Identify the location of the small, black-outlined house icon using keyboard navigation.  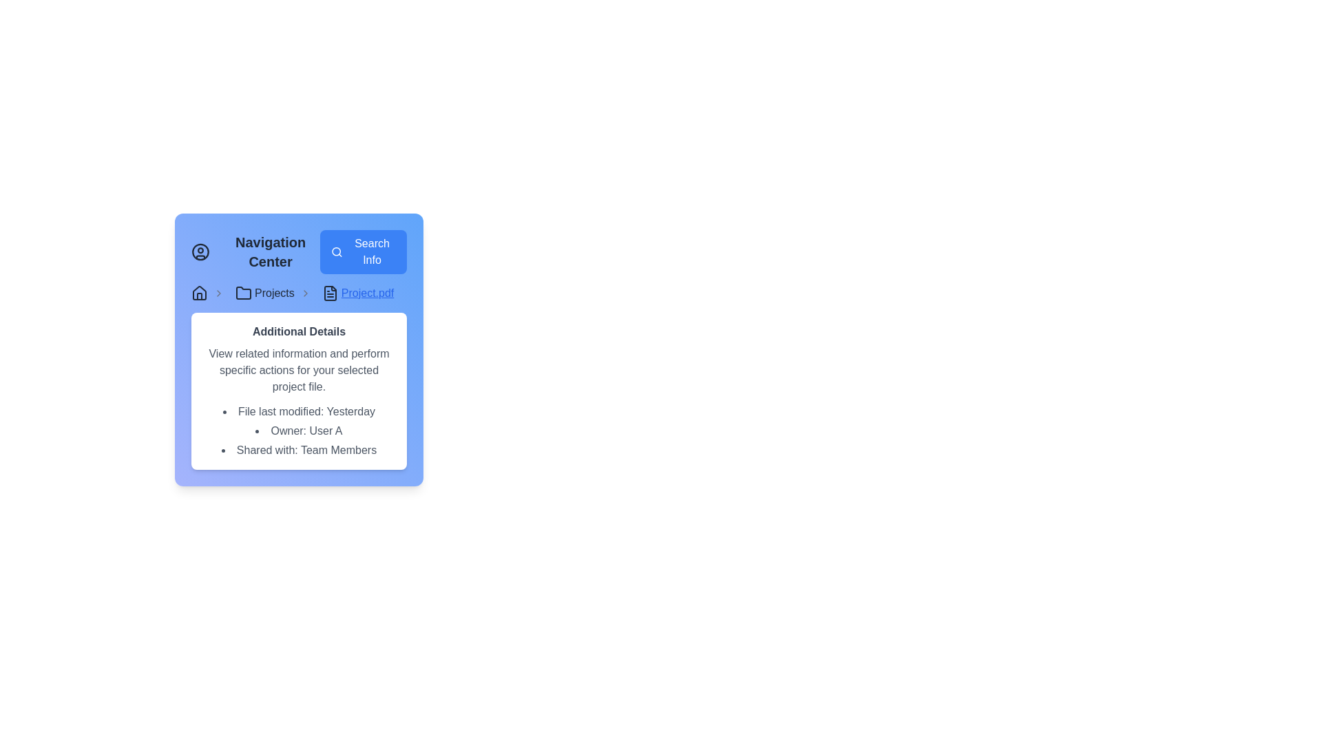
(198, 292).